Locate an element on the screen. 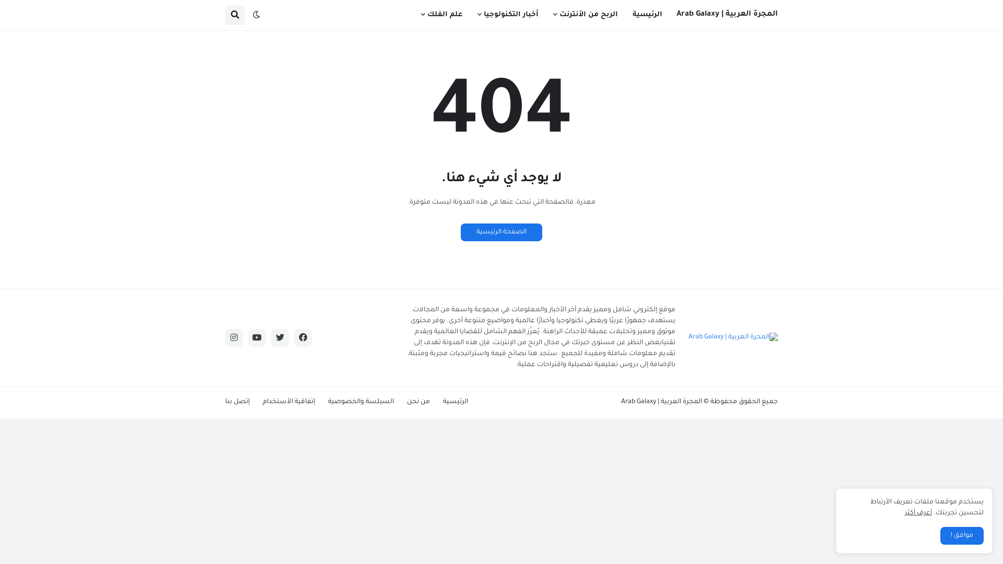 This screenshot has width=1003, height=564. 'twitter' is located at coordinates (280, 338).